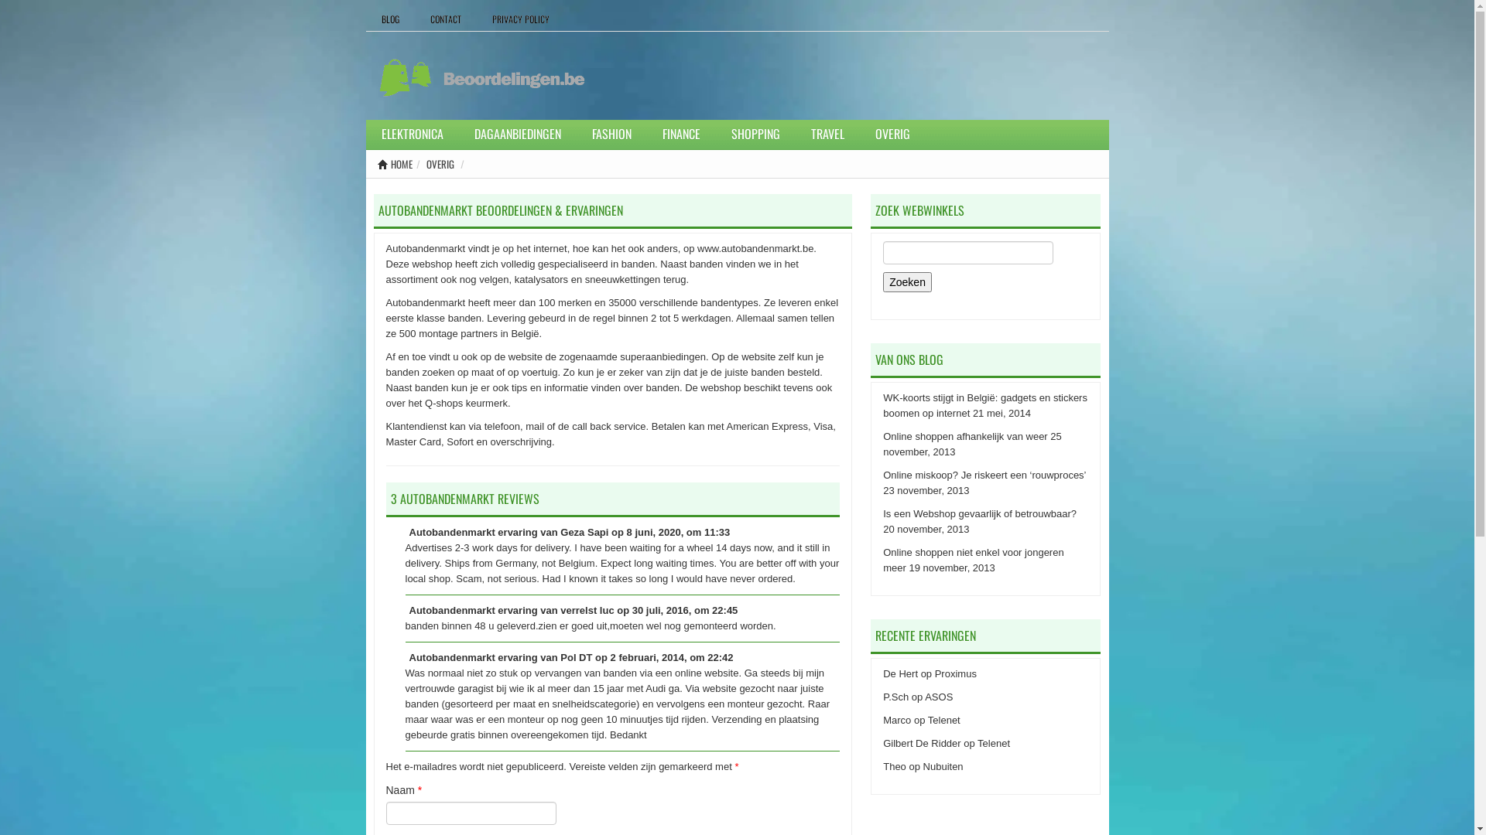  Describe the element at coordinates (412, 133) in the screenshot. I see `'ELEKTRONICA'` at that location.